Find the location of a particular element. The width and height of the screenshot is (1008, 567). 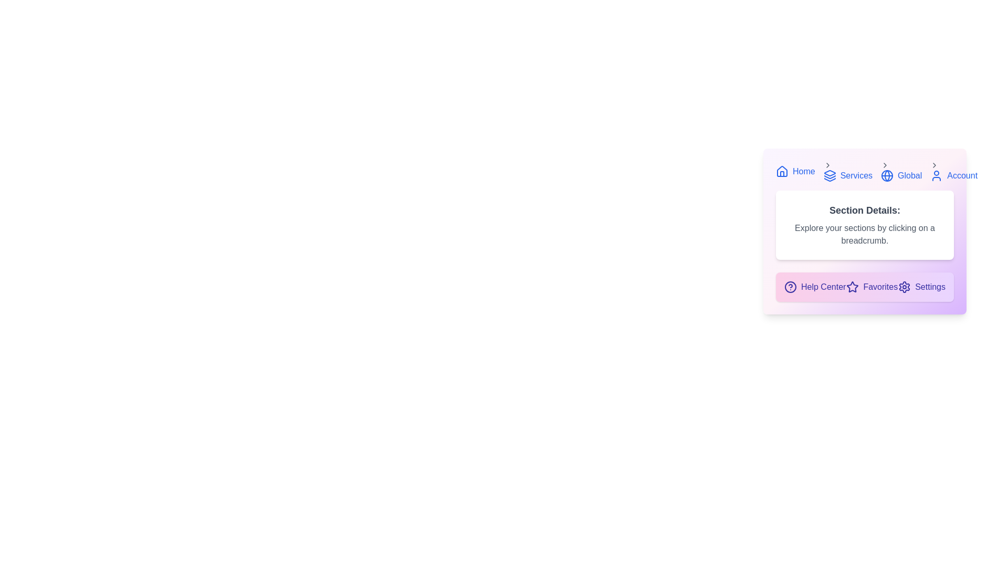

the breadcrumb link that indicates navigation to the 'Services' section, which is the second item between 'Home' and 'Global' links is located at coordinates (865, 171).